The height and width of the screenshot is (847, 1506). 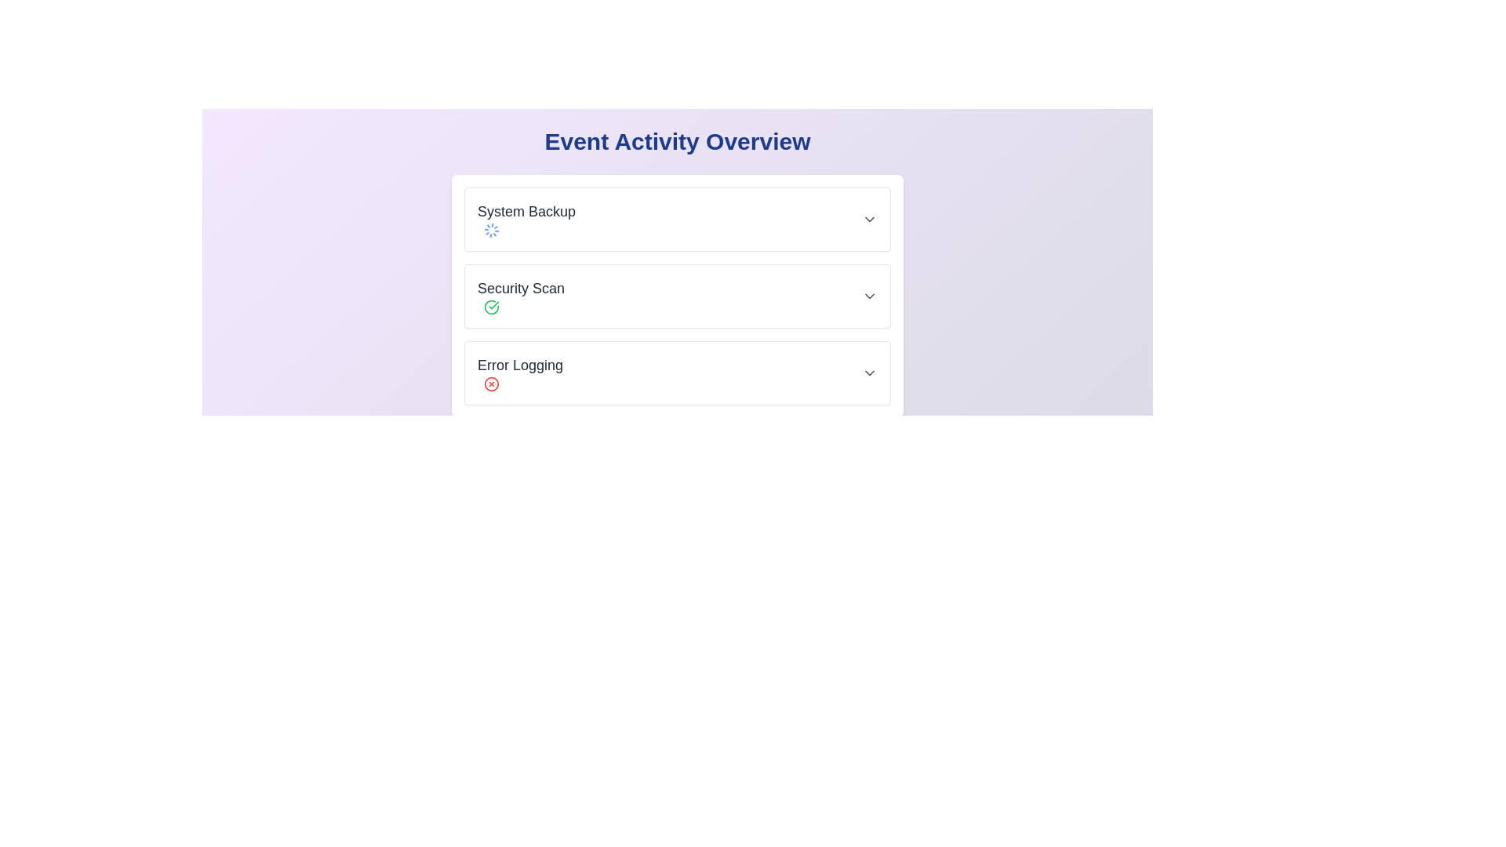 I want to click on the loading indicator icon located in the 'System Backup' section, which is positioned slightly to the right of the title text 'System Backup', so click(x=491, y=230).